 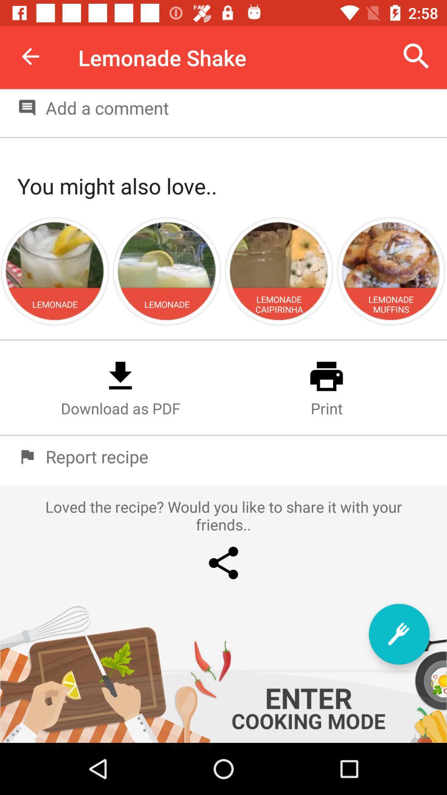 What do you see at coordinates (30, 56) in the screenshot?
I see `the item next to lemonade shake` at bounding box center [30, 56].